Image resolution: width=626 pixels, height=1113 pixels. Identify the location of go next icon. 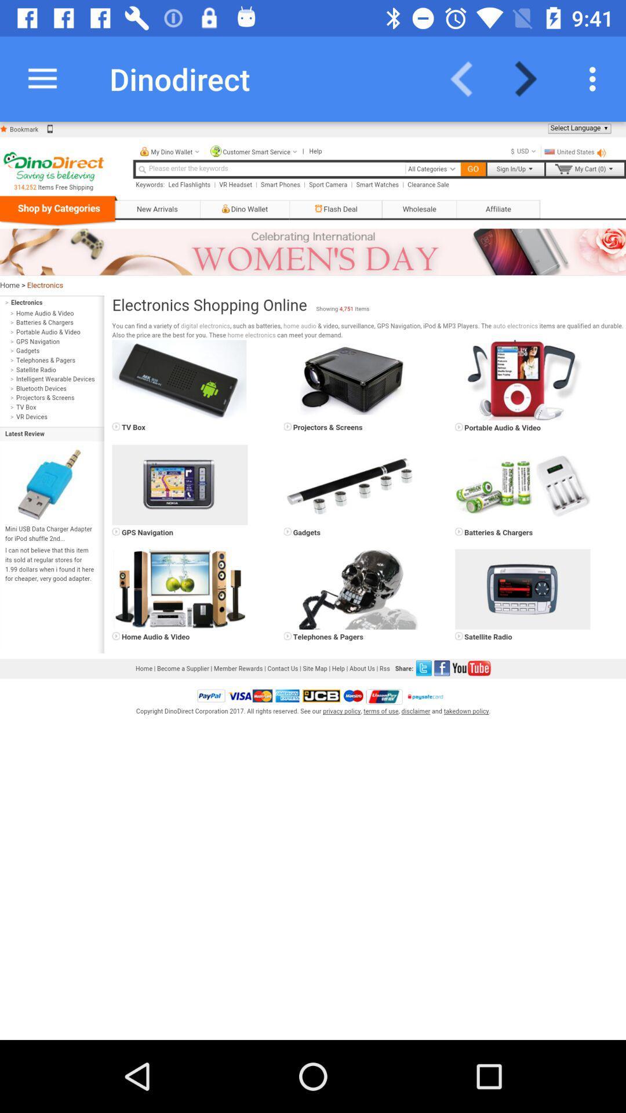
(533, 78).